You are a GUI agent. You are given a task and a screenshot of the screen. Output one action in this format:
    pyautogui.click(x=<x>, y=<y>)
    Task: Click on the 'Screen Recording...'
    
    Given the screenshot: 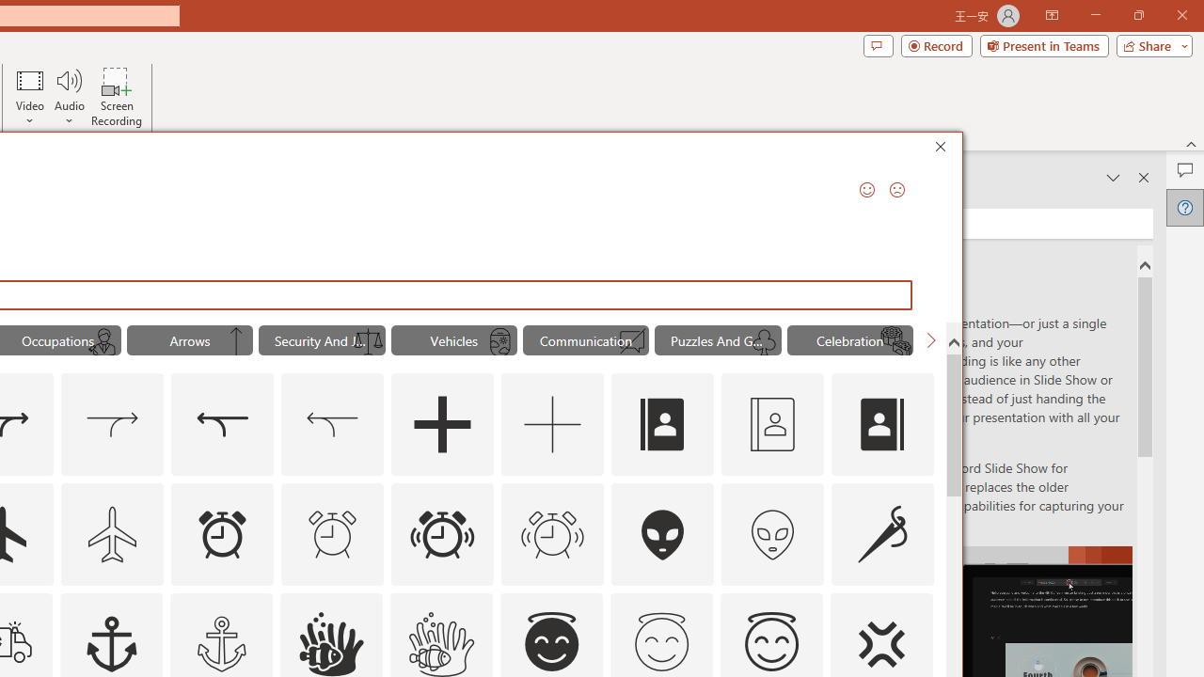 What is the action you would take?
    pyautogui.click(x=116, y=97)
    